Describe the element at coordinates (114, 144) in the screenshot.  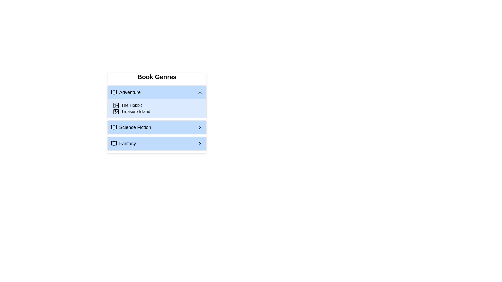
I see `the open book icon with a silhouette design that is positioned to the left of the text 'Fantasy' in the 'Book Genres' interface list` at that location.